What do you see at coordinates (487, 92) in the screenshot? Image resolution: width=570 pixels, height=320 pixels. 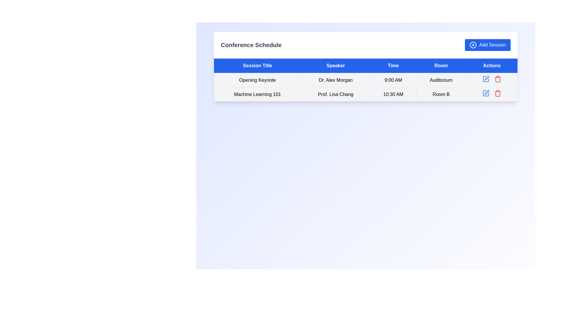 I see `the 'Edit' icon button located in the second row of the table under the 'Actions' column` at bounding box center [487, 92].